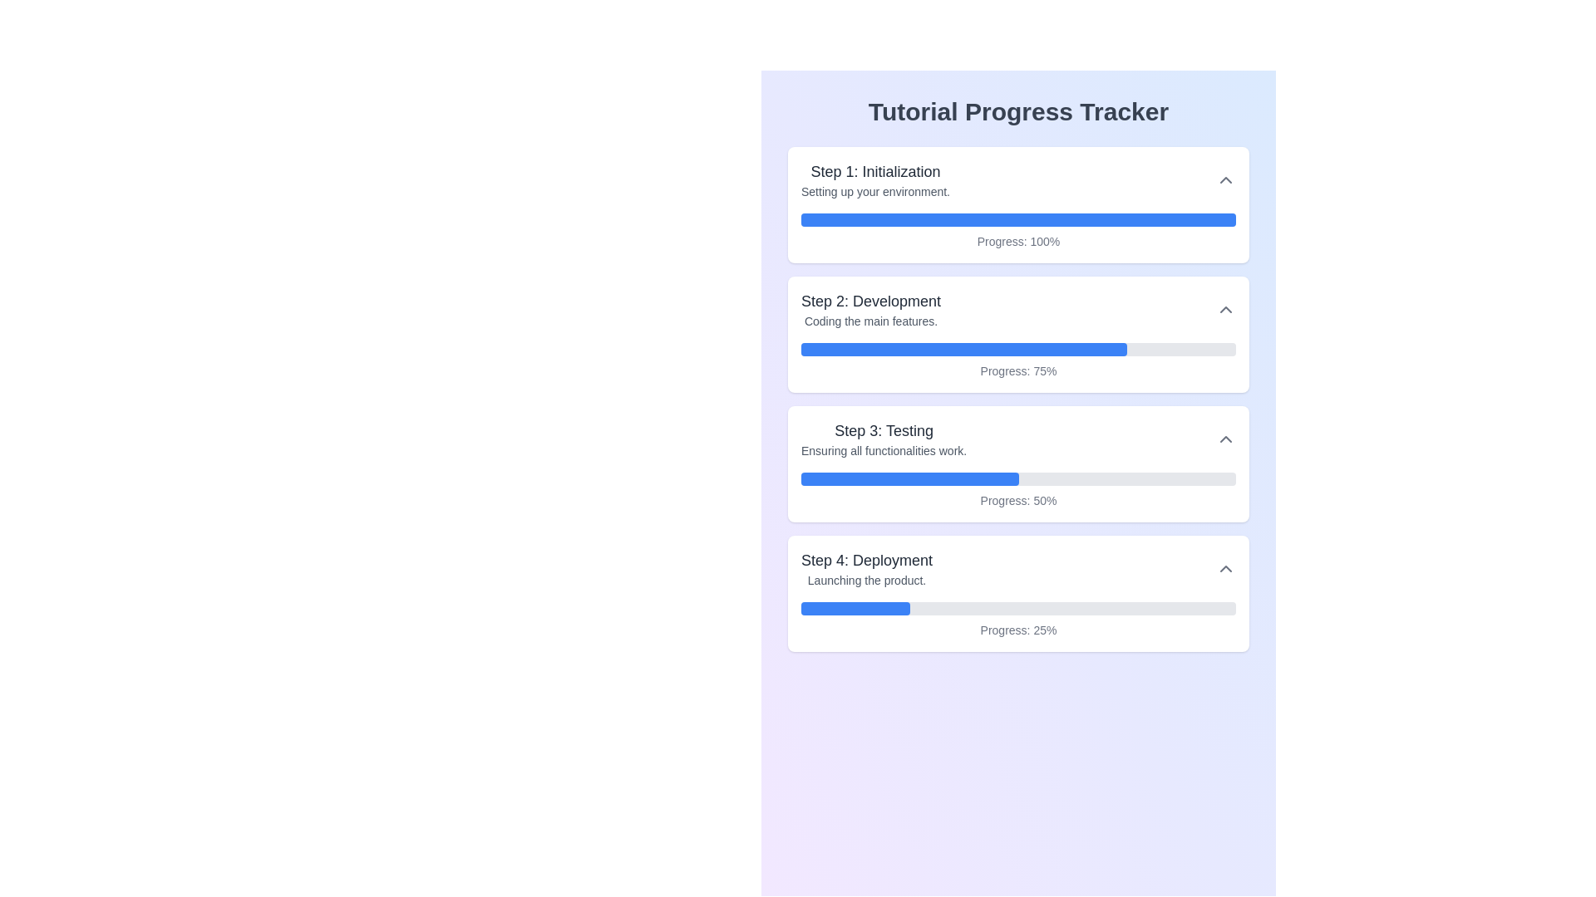 The height and width of the screenshot is (897, 1596). What do you see at coordinates (1017, 370) in the screenshot?
I see `the text display that represents the progress percentage for 'Step 2: Development', located below the progress bar` at bounding box center [1017, 370].